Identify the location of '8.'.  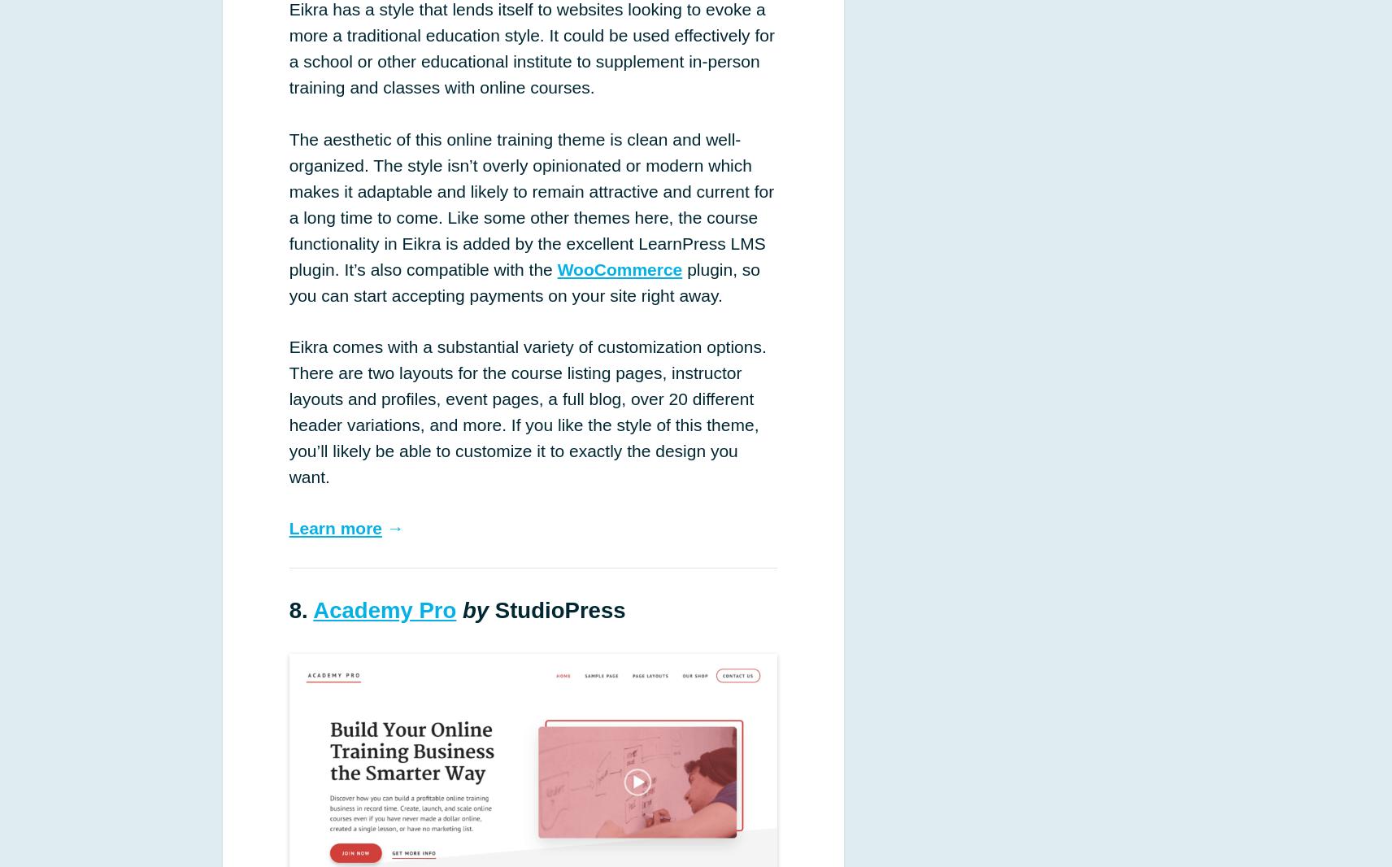
(300, 609).